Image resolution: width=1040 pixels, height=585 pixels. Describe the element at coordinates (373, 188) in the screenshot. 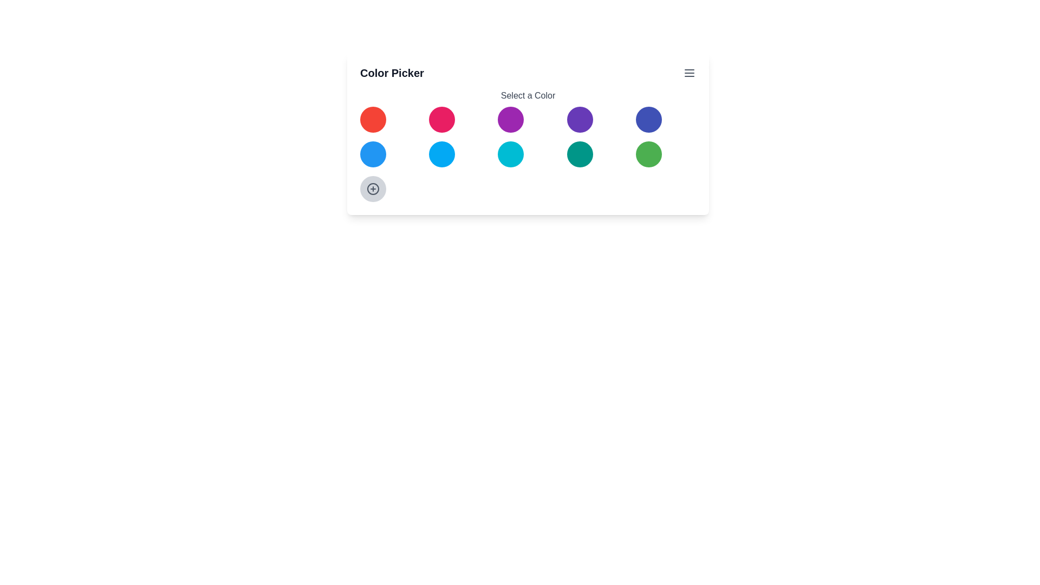

I see `the 'plus' icon button to open a new color picker` at that location.